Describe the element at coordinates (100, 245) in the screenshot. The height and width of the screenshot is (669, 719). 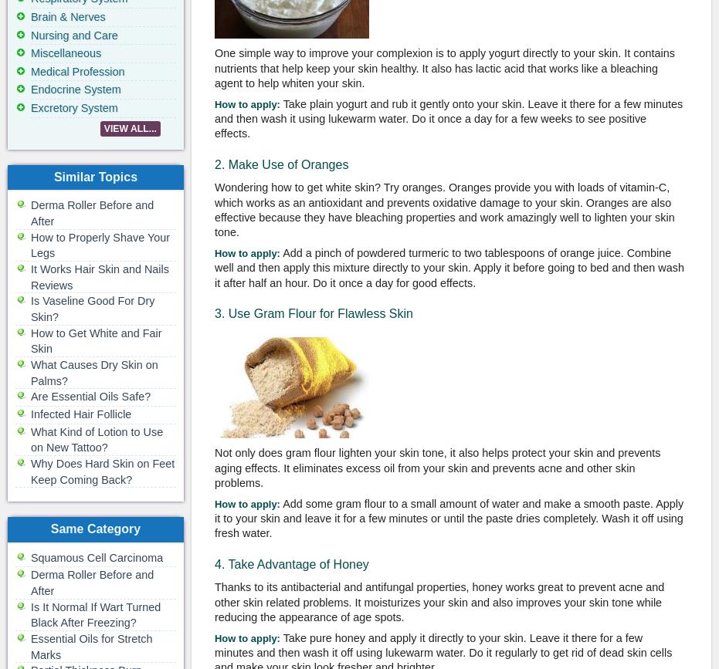
I see `'How to Properly Shave Your Legs'` at that location.